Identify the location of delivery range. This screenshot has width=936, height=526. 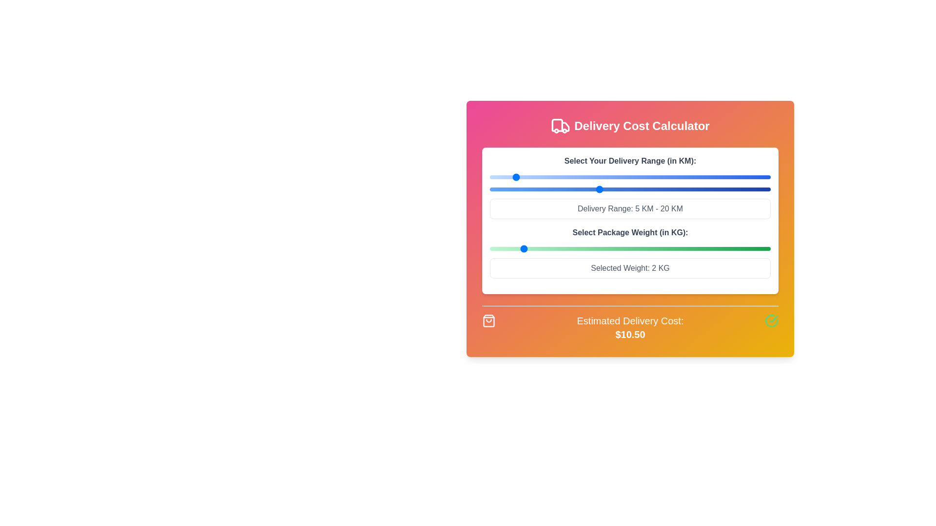
(507, 189).